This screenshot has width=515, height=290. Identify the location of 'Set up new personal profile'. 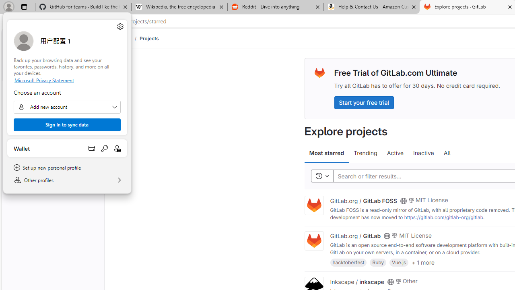
(67, 167).